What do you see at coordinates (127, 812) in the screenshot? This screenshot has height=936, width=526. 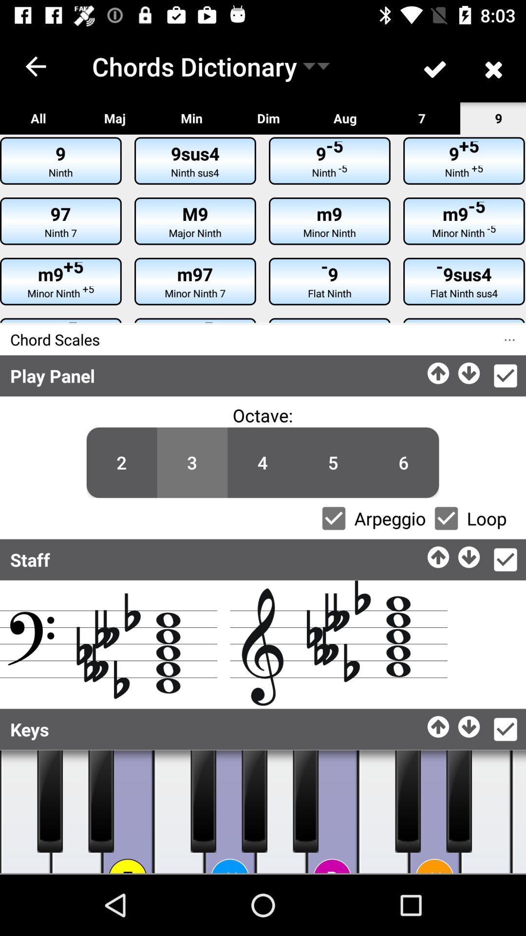 I see `piano white key` at bounding box center [127, 812].